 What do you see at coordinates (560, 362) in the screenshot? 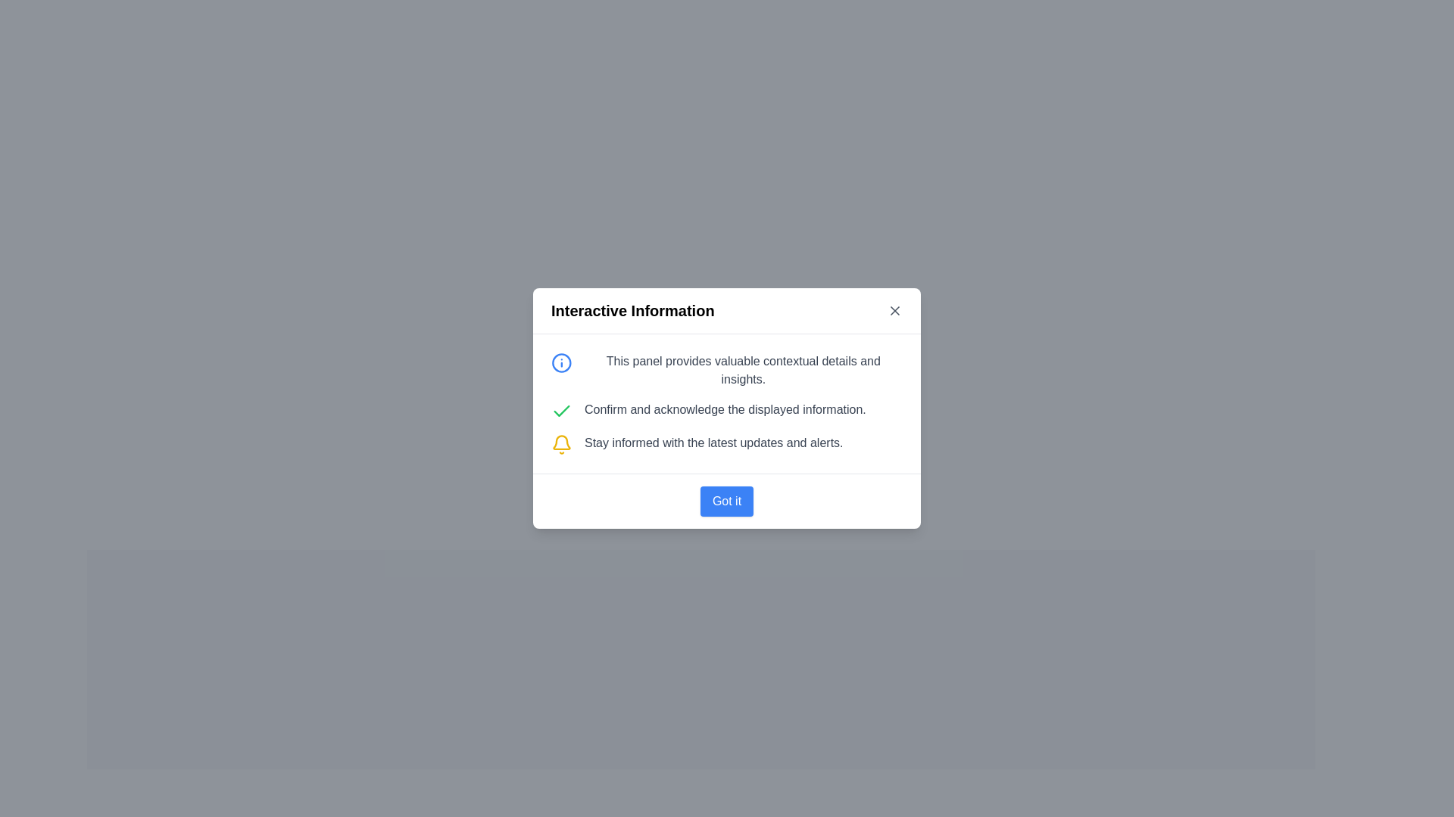
I see `SVG Circle that serves as the outer part of the information icon in the modal dialog, located at the top-left position of the content area` at bounding box center [560, 362].